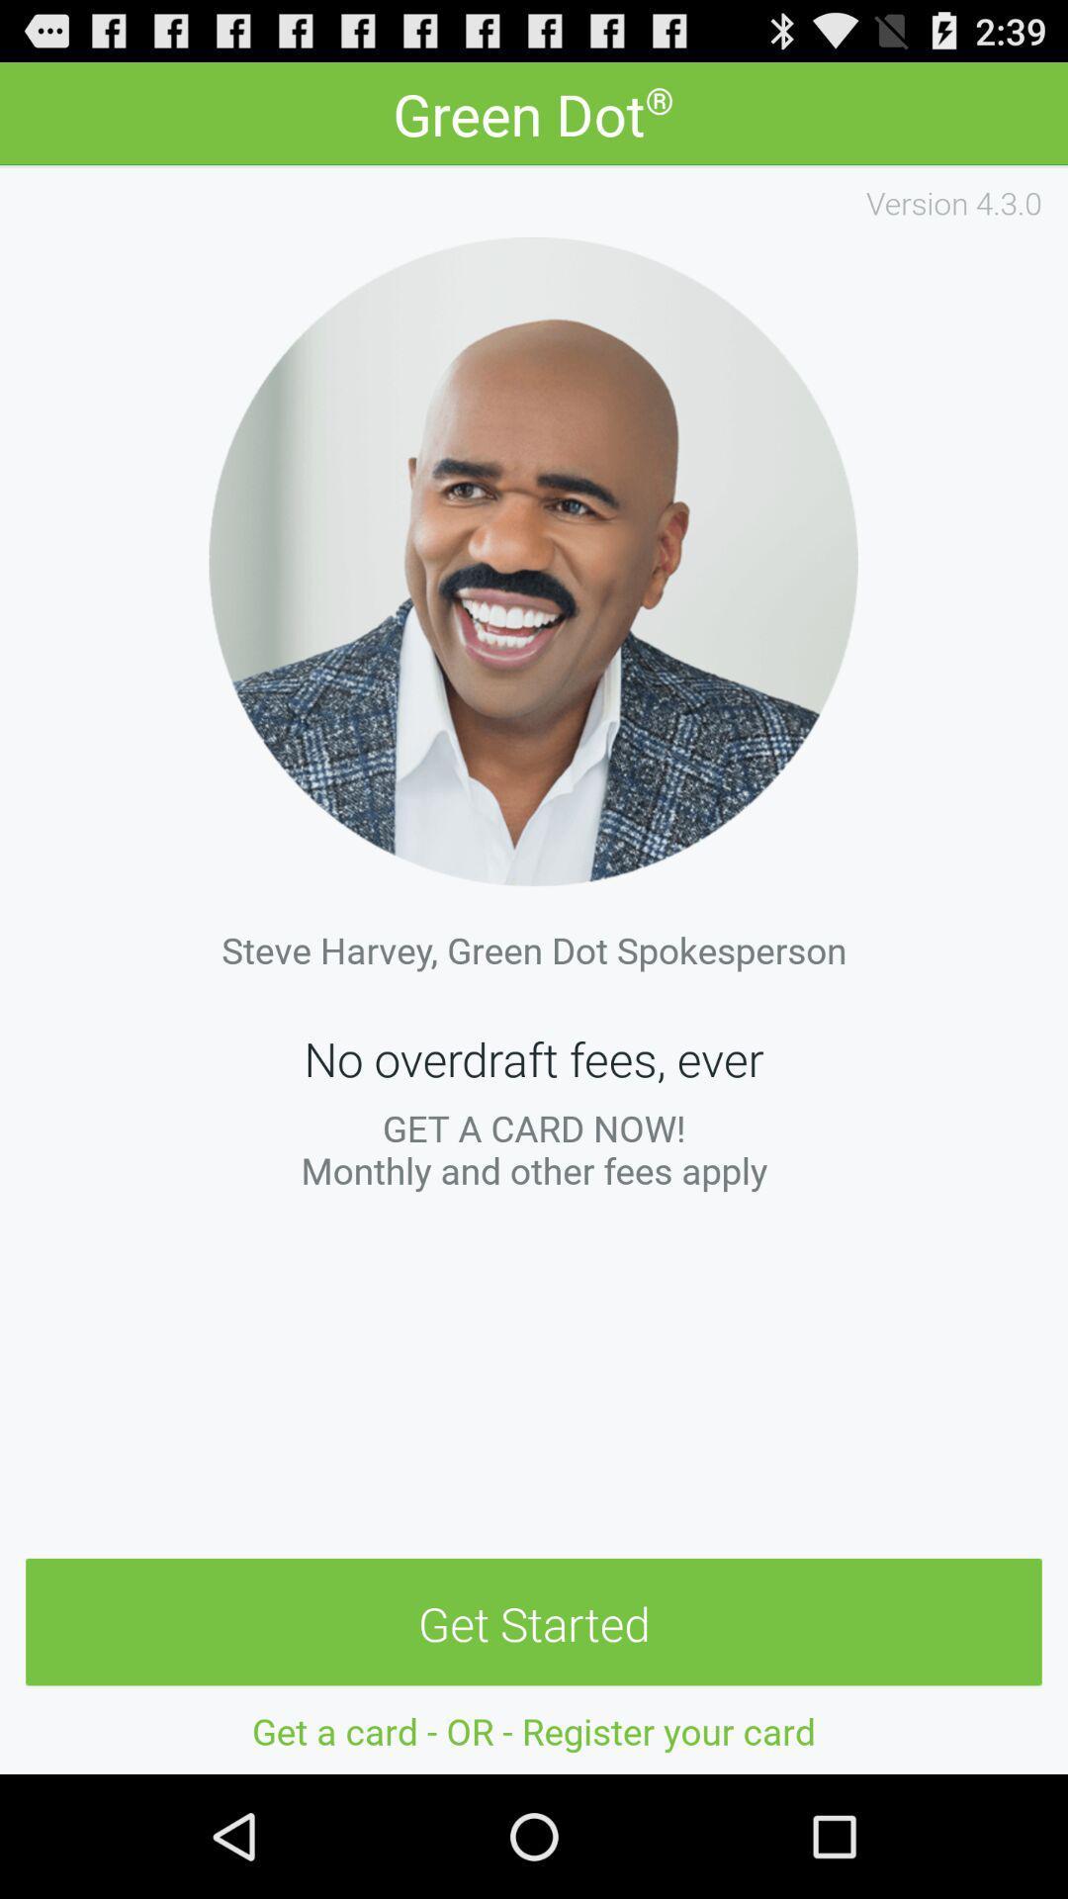 This screenshot has width=1068, height=1899. Describe the element at coordinates (534, 1623) in the screenshot. I see `get started item` at that location.